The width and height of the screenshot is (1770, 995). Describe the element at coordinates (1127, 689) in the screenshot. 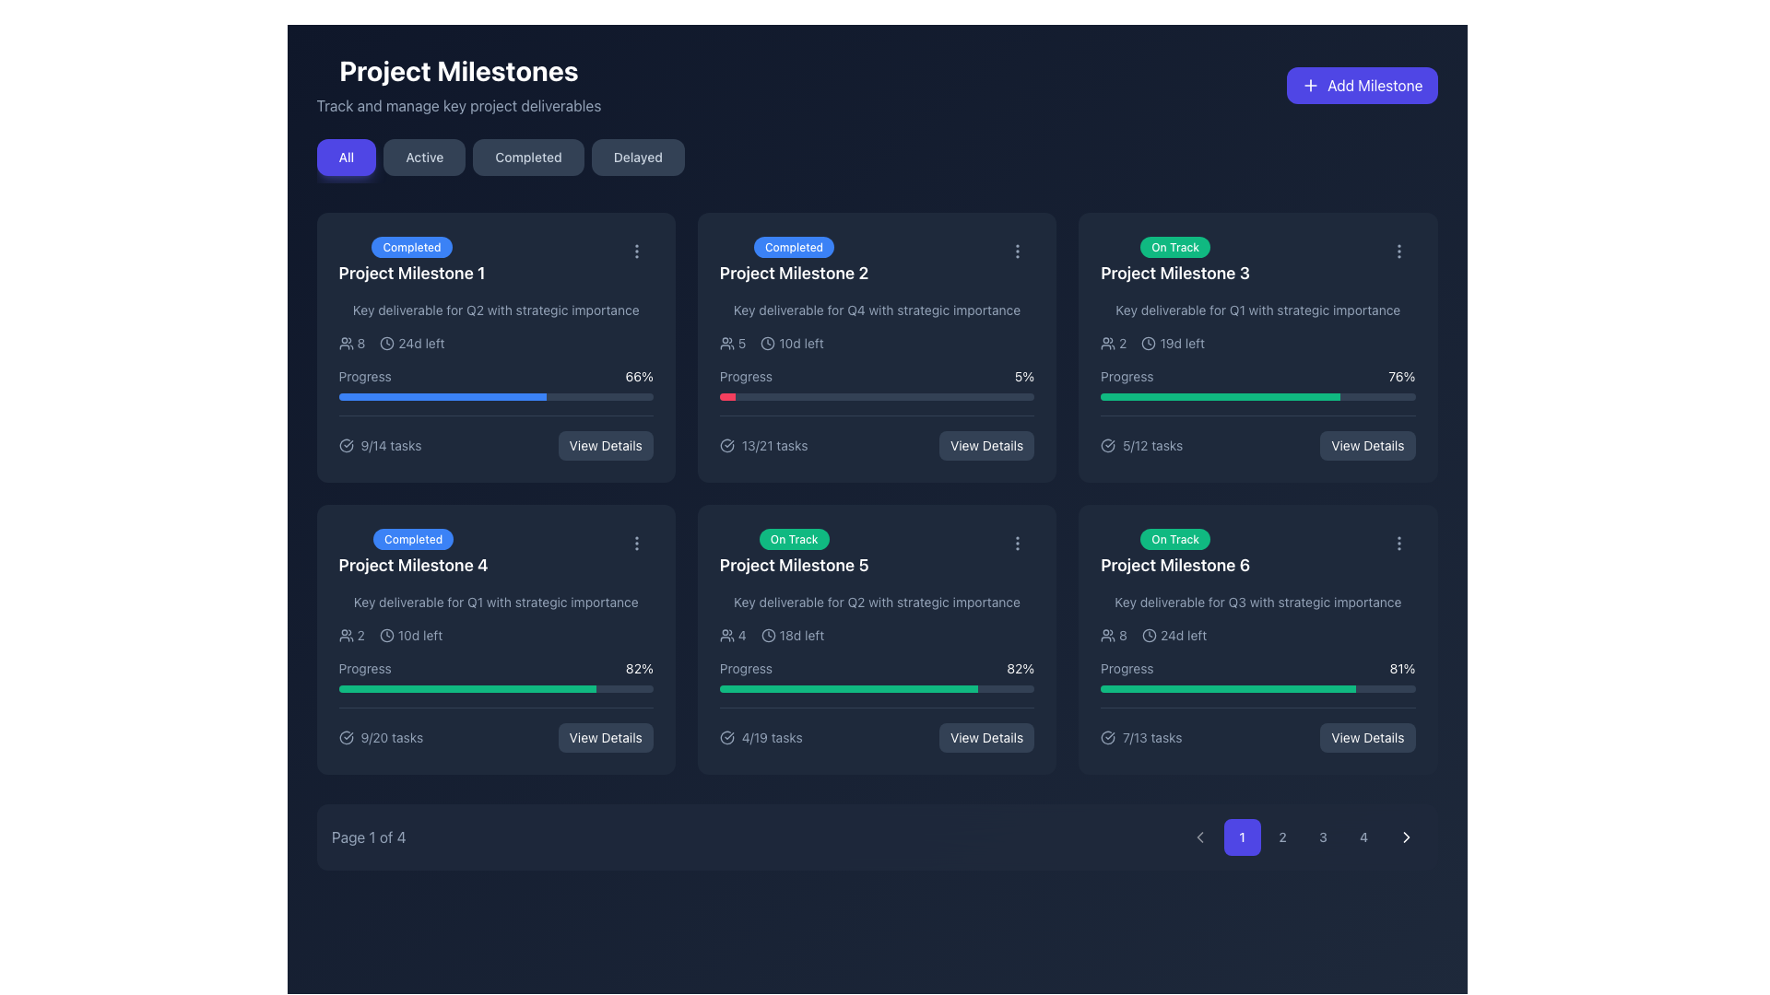

I see `the progress of Project Milestone 6` at that location.